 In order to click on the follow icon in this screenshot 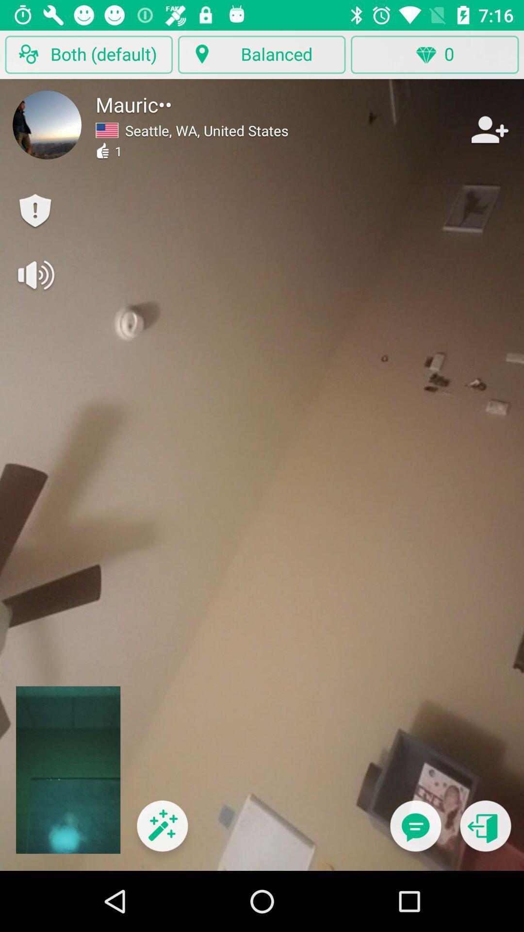, I will do `click(489, 129)`.